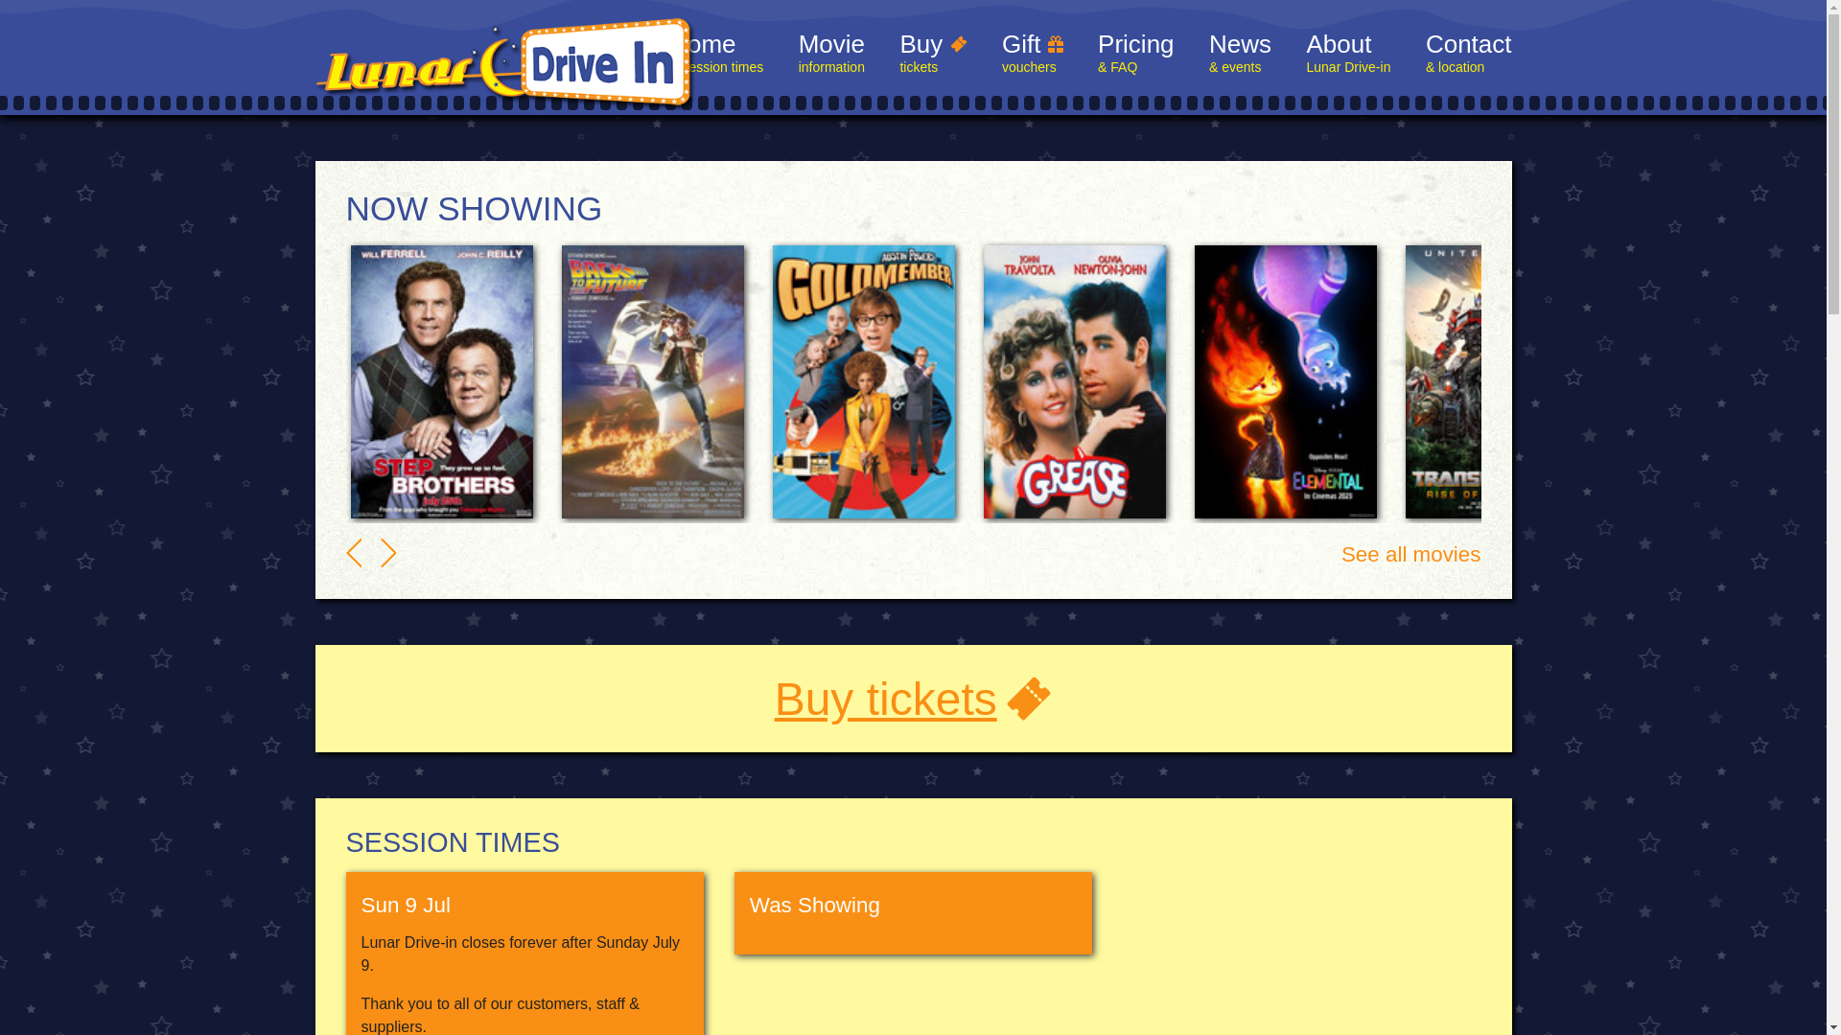 The width and height of the screenshot is (1841, 1035). I want to click on ' ', so click(381, 553).